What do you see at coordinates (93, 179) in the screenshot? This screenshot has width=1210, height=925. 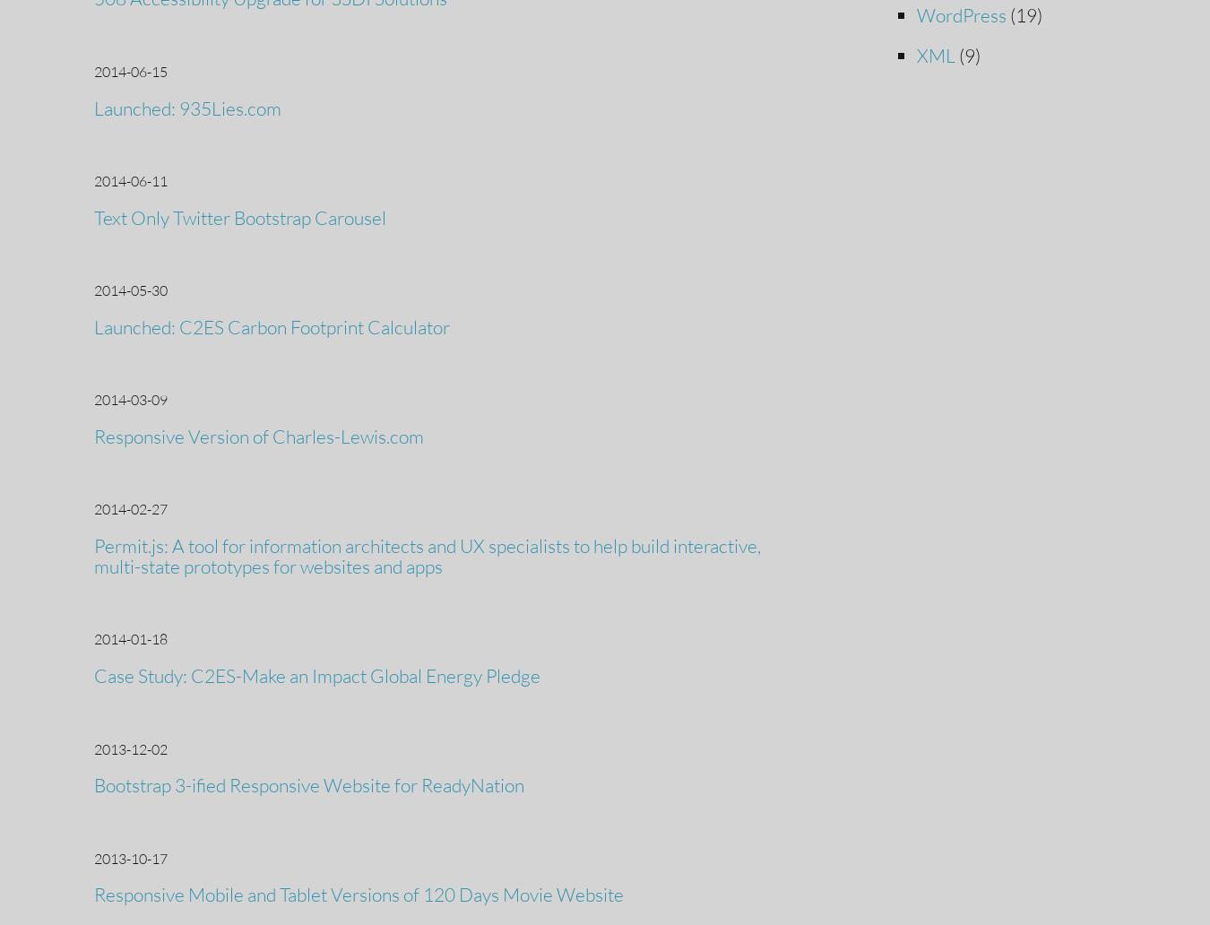 I see `'2014-06-11'` at bounding box center [93, 179].